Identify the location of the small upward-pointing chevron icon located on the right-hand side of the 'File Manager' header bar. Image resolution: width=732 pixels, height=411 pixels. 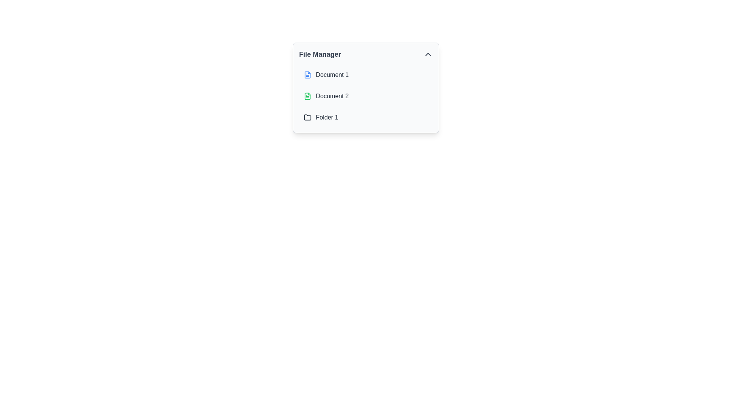
(428, 54).